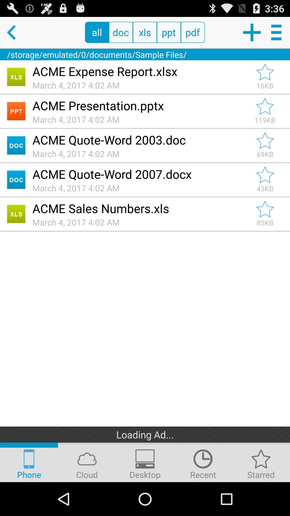  Describe the element at coordinates (252, 32) in the screenshot. I see `new documents` at that location.